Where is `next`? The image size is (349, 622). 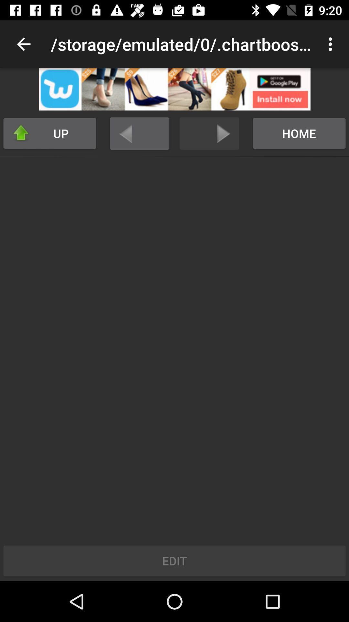
next is located at coordinates (209, 133).